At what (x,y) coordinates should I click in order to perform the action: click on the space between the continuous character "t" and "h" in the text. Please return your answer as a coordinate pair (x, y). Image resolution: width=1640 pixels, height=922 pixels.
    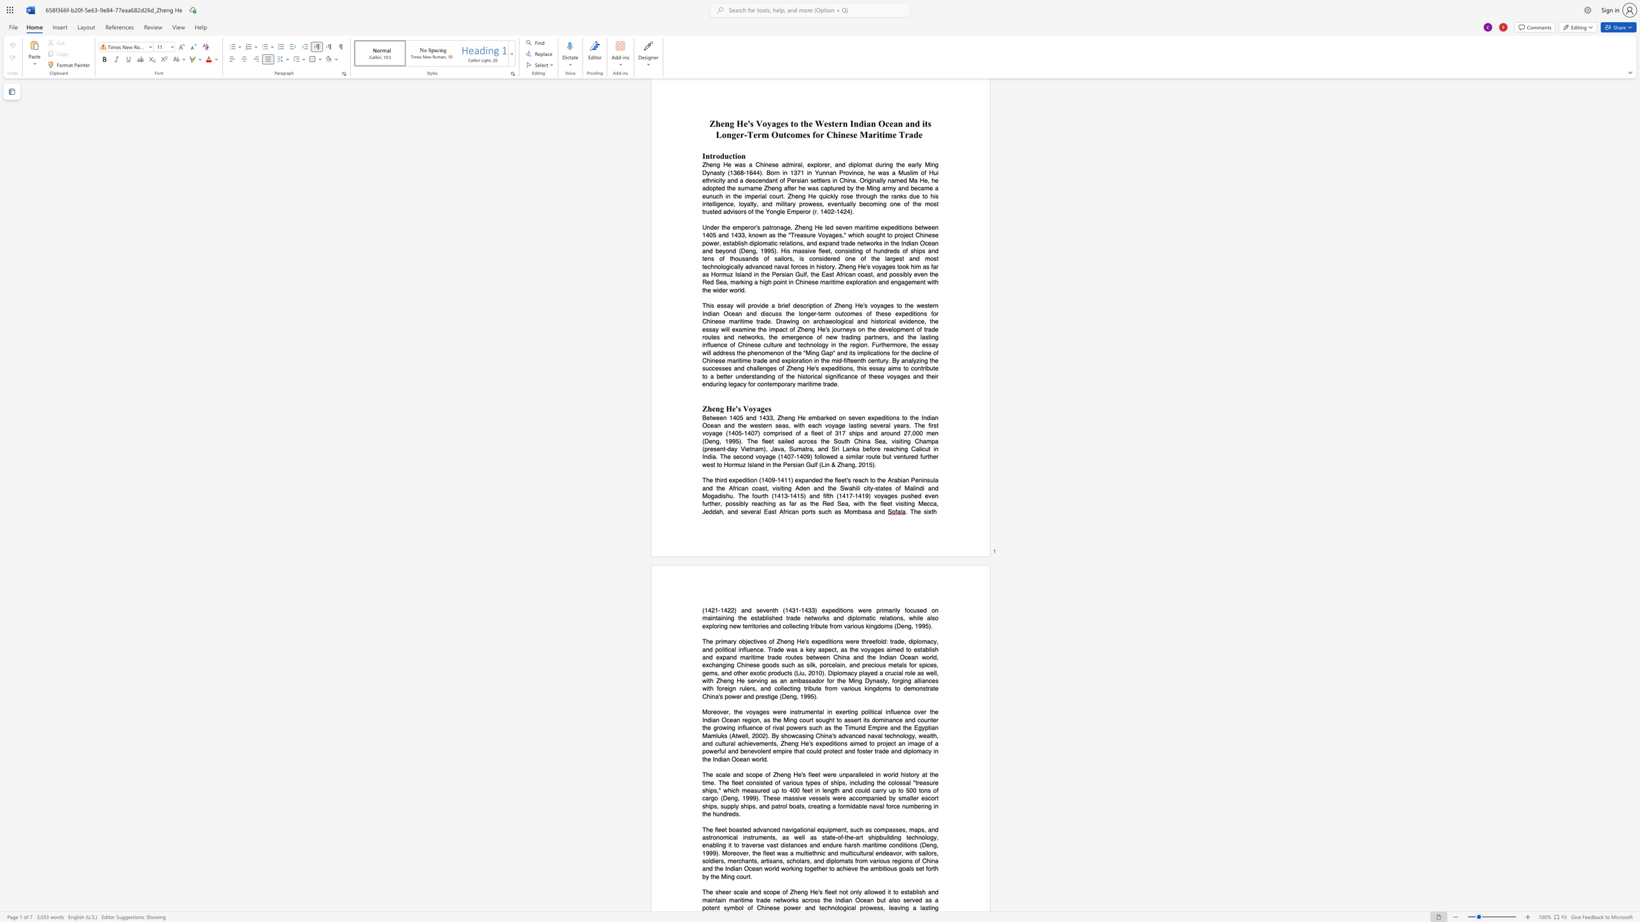
    Looking at the image, I should click on (825, 899).